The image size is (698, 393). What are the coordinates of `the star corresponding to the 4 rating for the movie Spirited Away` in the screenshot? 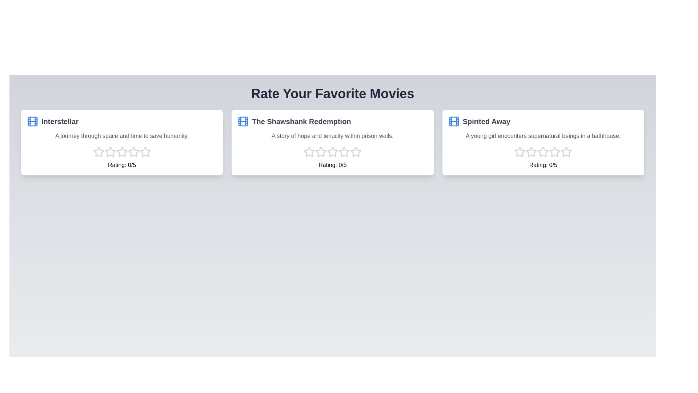 It's located at (554, 151).